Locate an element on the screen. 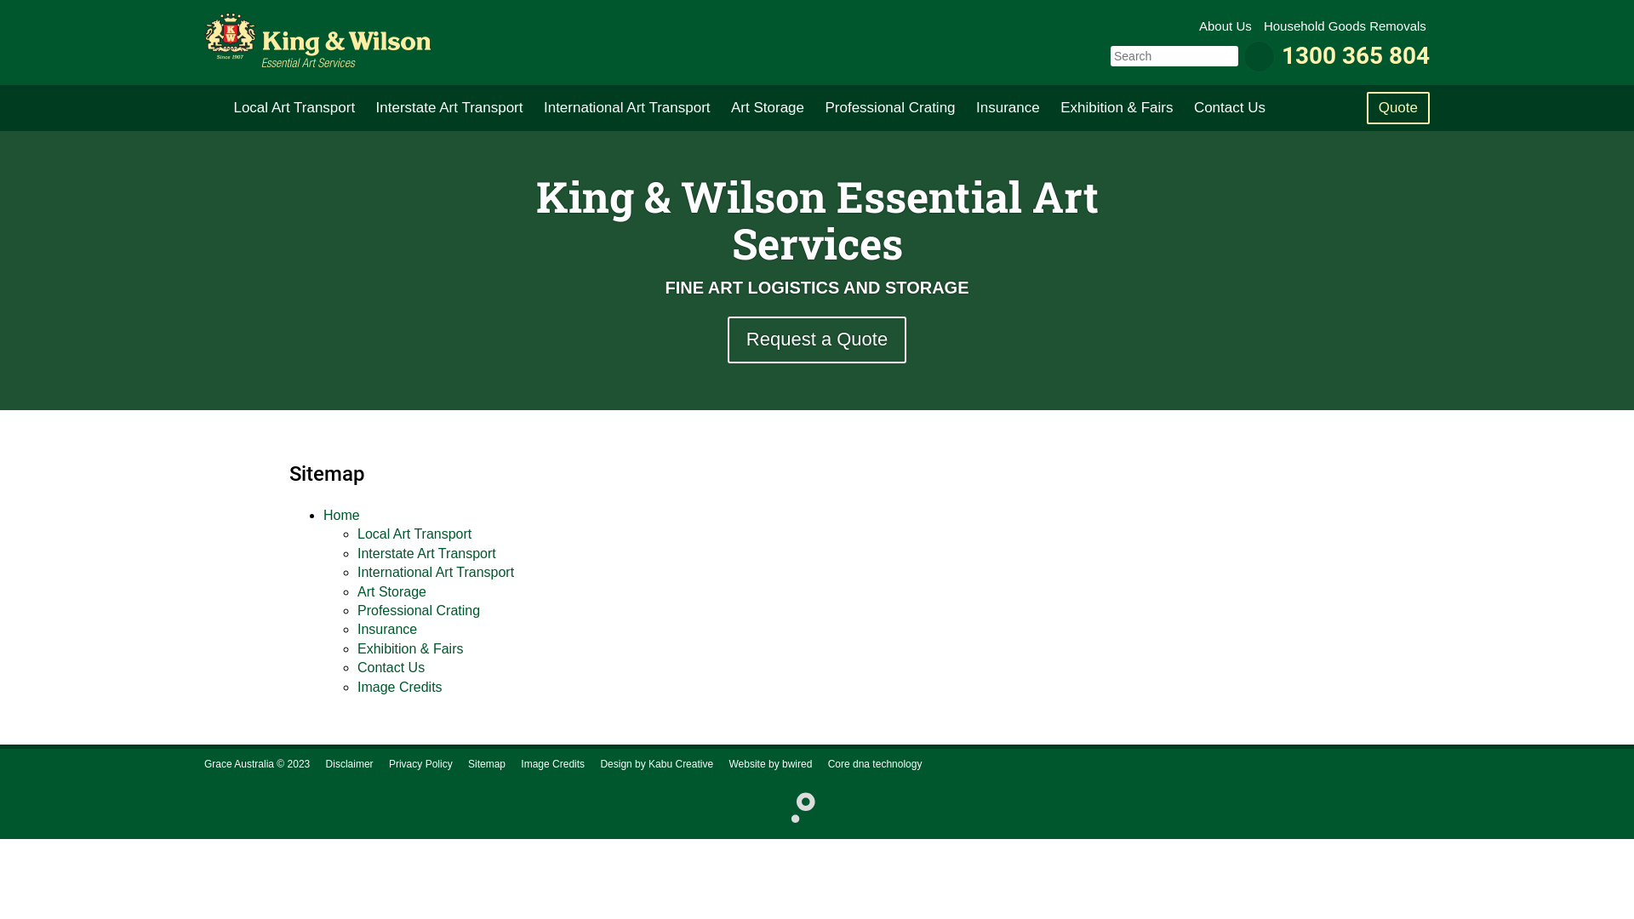 The image size is (1634, 919). 'Home' is located at coordinates (340, 514).